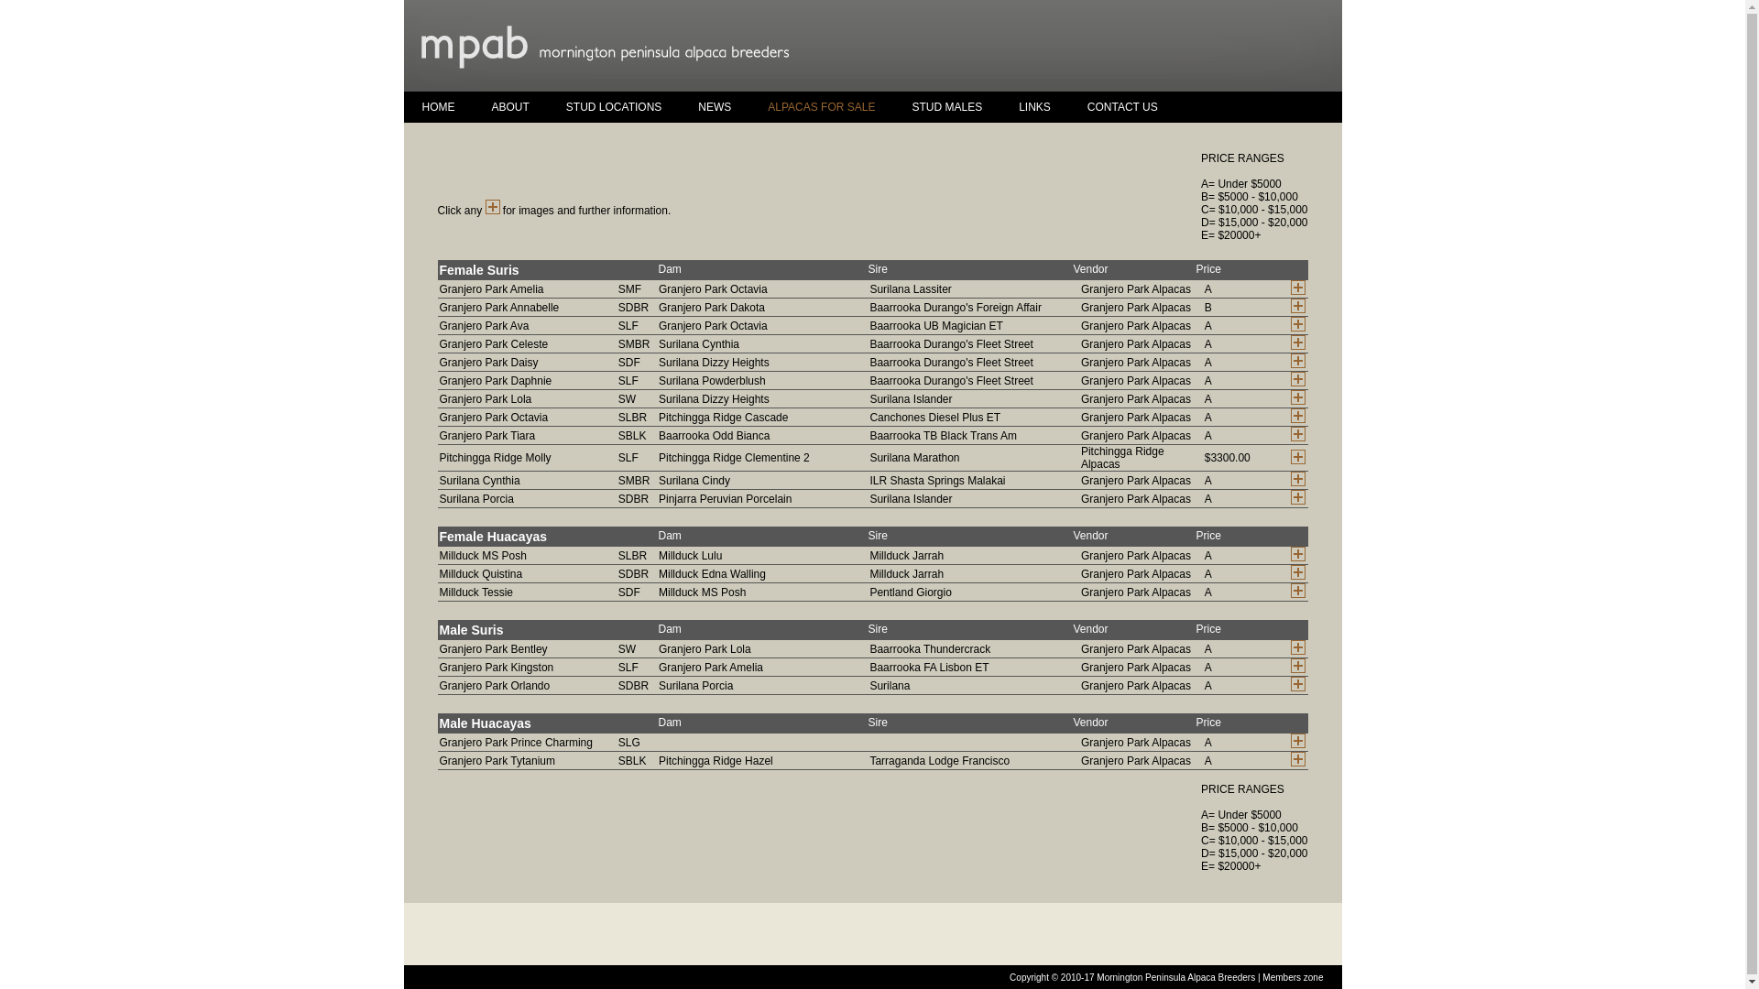 The width and height of the screenshot is (1759, 989). Describe the element at coordinates (820, 106) in the screenshot. I see `'ALPACAS FOR SALE'` at that location.